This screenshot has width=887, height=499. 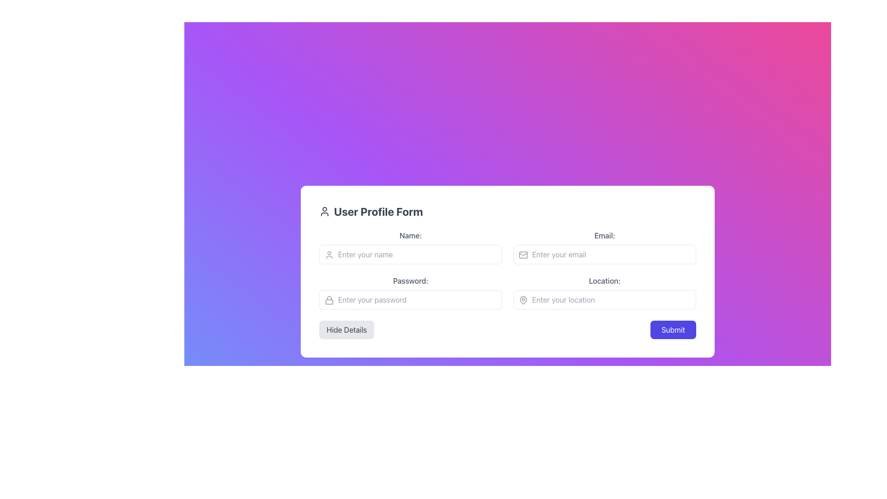 I want to click on accessibility attributes of the pin icon graphic located within the 'Location' input field, which symbolizes location with a minimalistic design and is positioned to the left inside the input field, so click(x=523, y=300).